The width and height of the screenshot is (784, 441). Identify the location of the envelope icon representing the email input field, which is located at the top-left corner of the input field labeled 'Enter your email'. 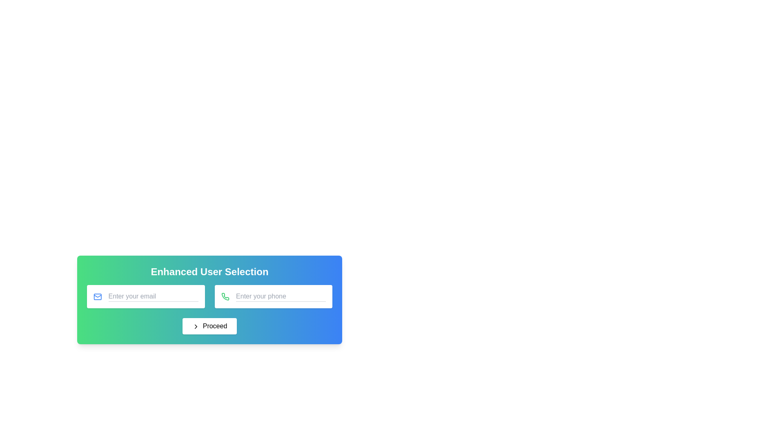
(98, 296).